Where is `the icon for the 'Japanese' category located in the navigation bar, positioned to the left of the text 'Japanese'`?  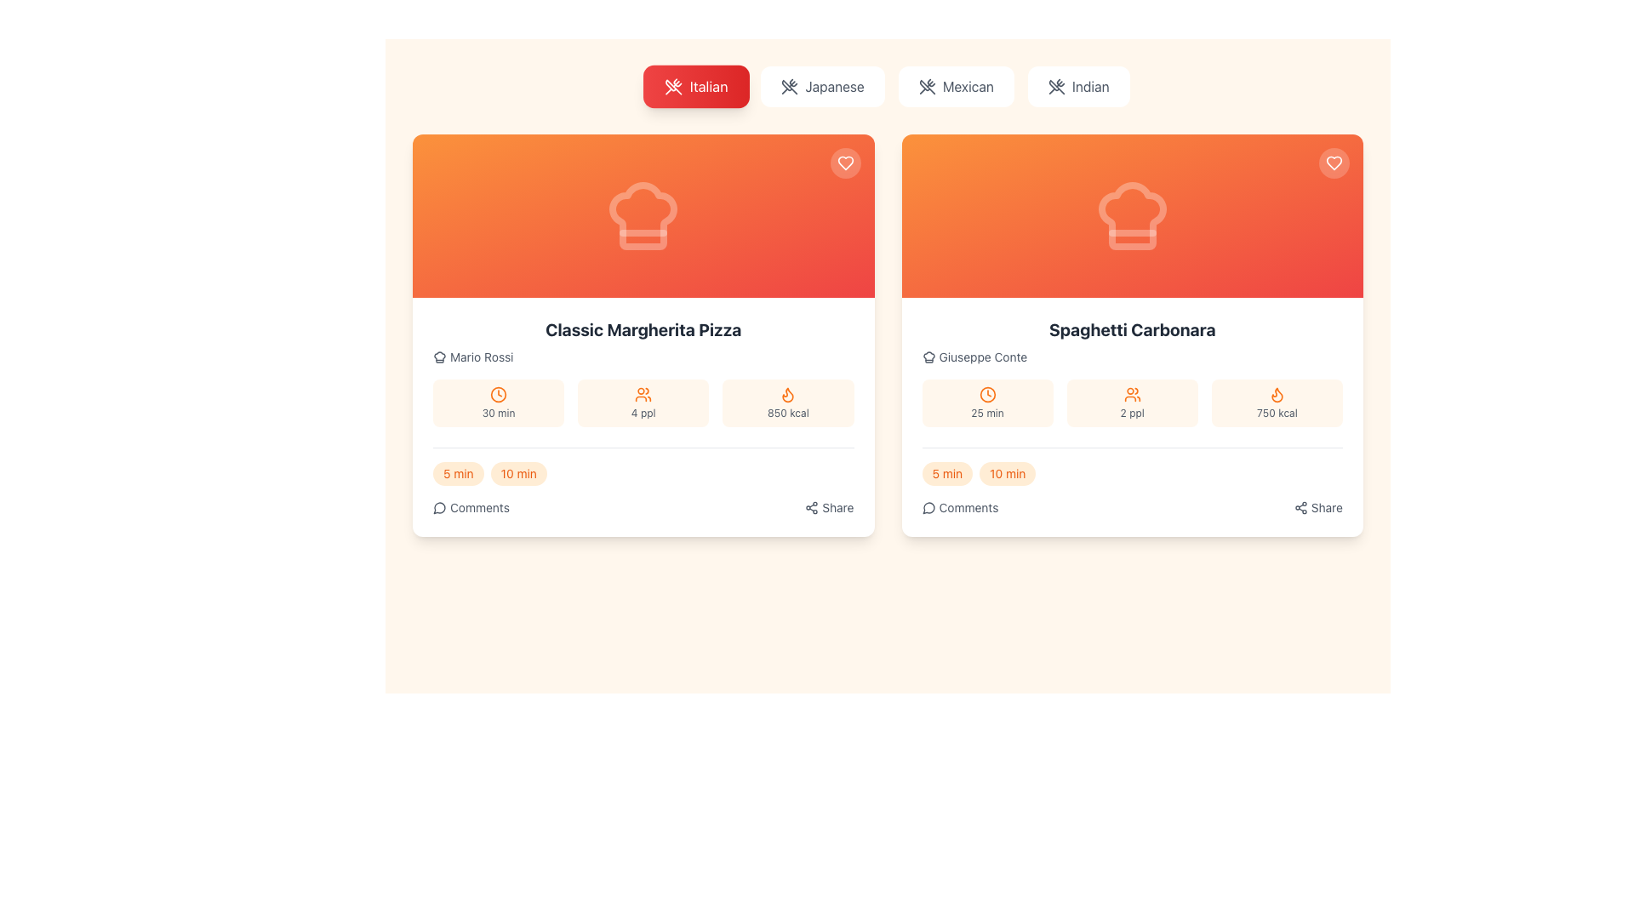 the icon for the 'Japanese' category located in the navigation bar, positioned to the left of the text 'Japanese' is located at coordinates (789, 86).